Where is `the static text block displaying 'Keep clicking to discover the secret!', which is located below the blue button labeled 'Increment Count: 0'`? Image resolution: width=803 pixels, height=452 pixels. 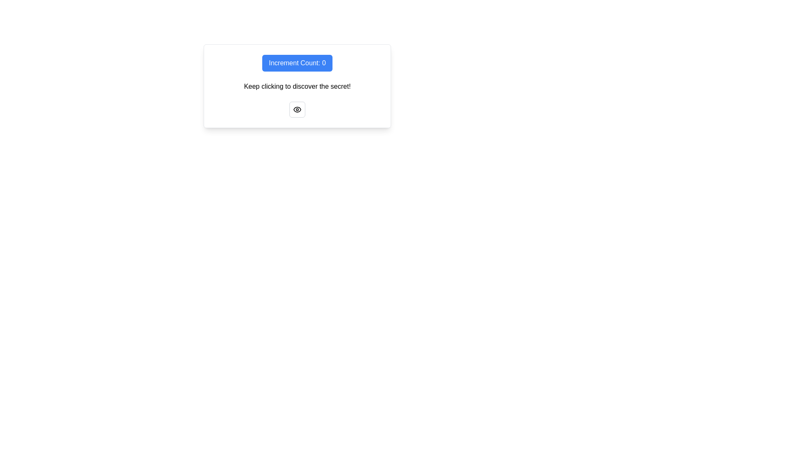 the static text block displaying 'Keep clicking to discover the secret!', which is located below the blue button labeled 'Increment Count: 0' is located at coordinates (297, 87).